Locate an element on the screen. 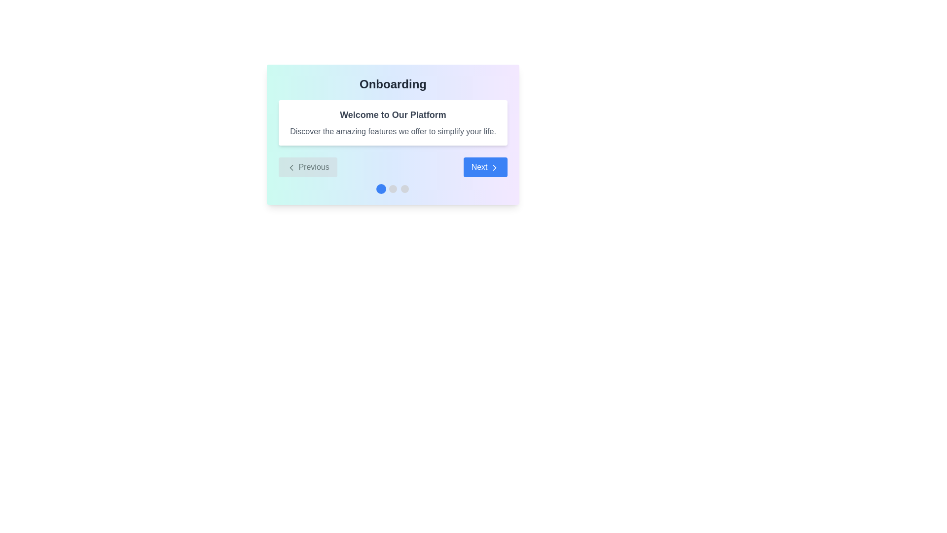 The width and height of the screenshot is (947, 533). the forward navigation icon located at the far right of the 'Next' button is located at coordinates (495, 167).